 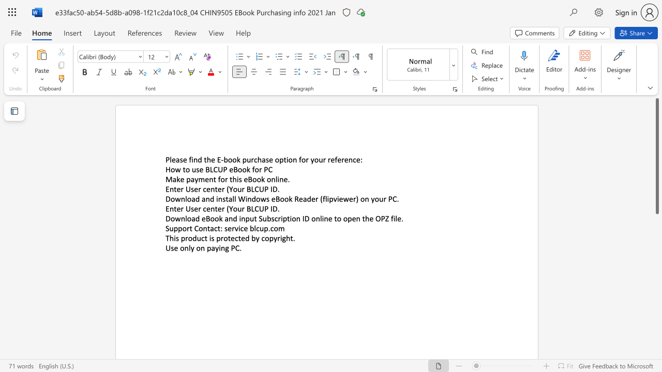 What do you see at coordinates (656, 300) in the screenshot?
I see `the scrollbar to scroll the page down` at bounding box center [656, 300].